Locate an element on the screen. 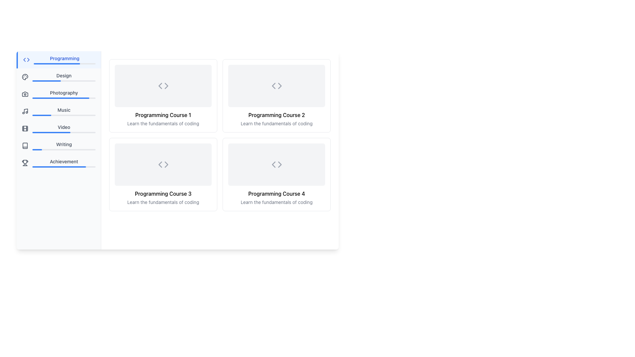  the progress bar is located at coordinates (89, 133).